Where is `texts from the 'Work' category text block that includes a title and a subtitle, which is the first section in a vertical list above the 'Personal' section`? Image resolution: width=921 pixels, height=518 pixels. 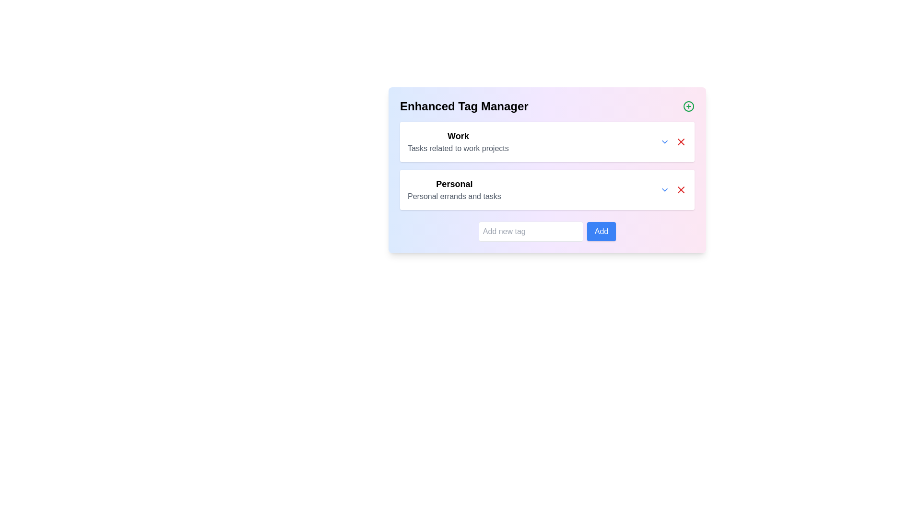
texts from the 'Work' category text block that includes a title and a subtitle, which is the first section in a vertical list above the 'Personal' section is located at coordinates (458, 142).